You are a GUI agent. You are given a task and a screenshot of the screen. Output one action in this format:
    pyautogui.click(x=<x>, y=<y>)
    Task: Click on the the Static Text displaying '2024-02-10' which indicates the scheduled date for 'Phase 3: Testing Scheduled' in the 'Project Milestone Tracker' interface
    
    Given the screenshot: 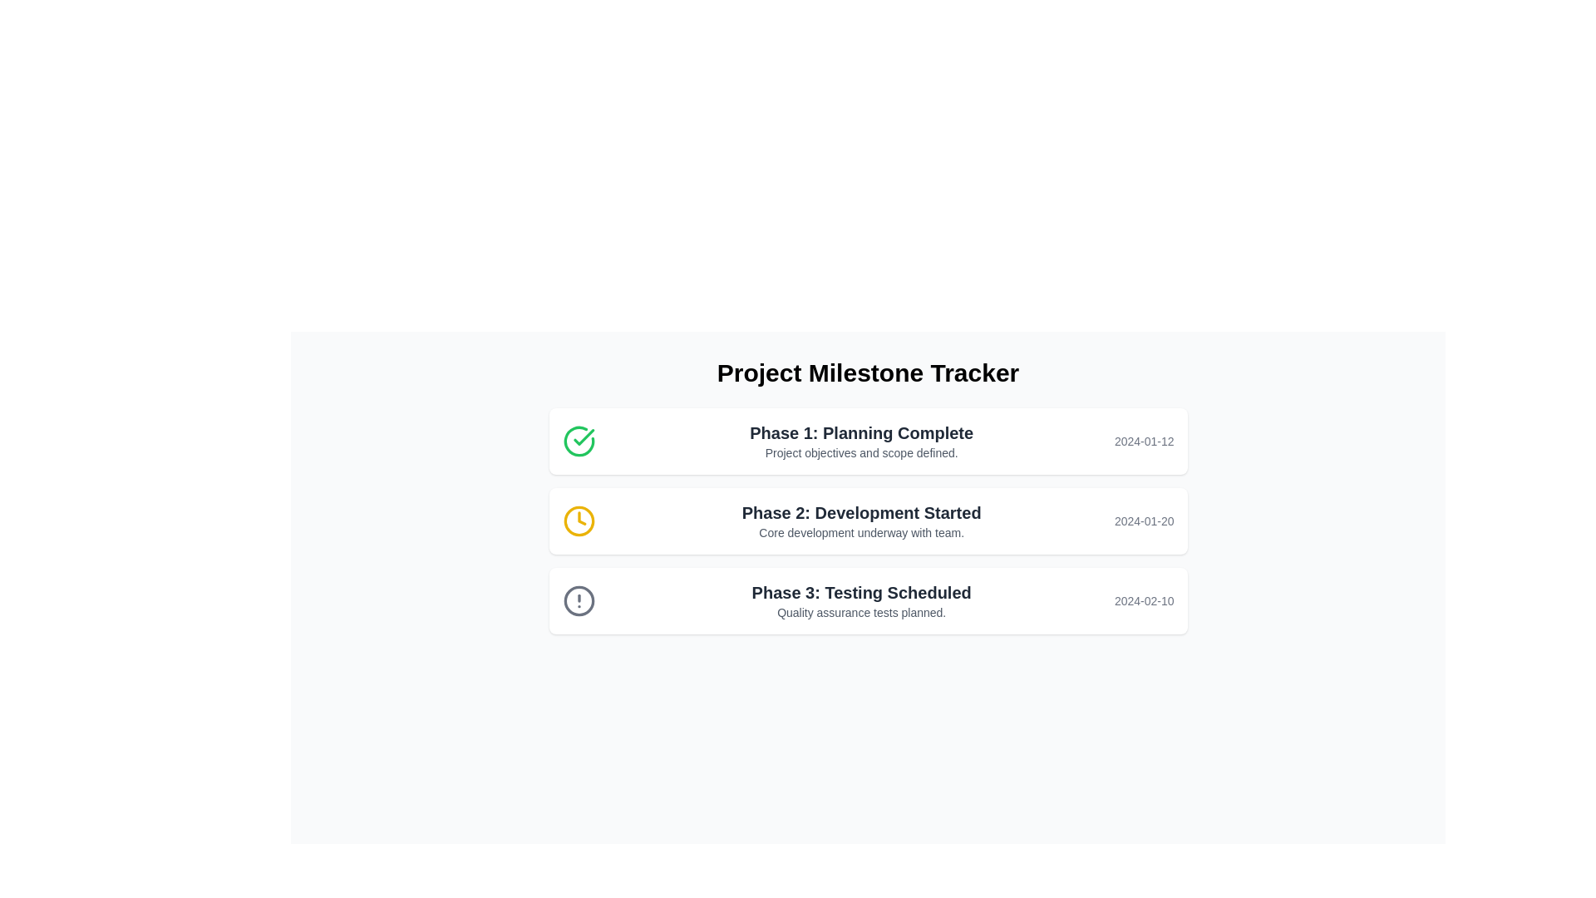 What is the action you would take?
    pyautogui.click(x=1143, y=600)
    